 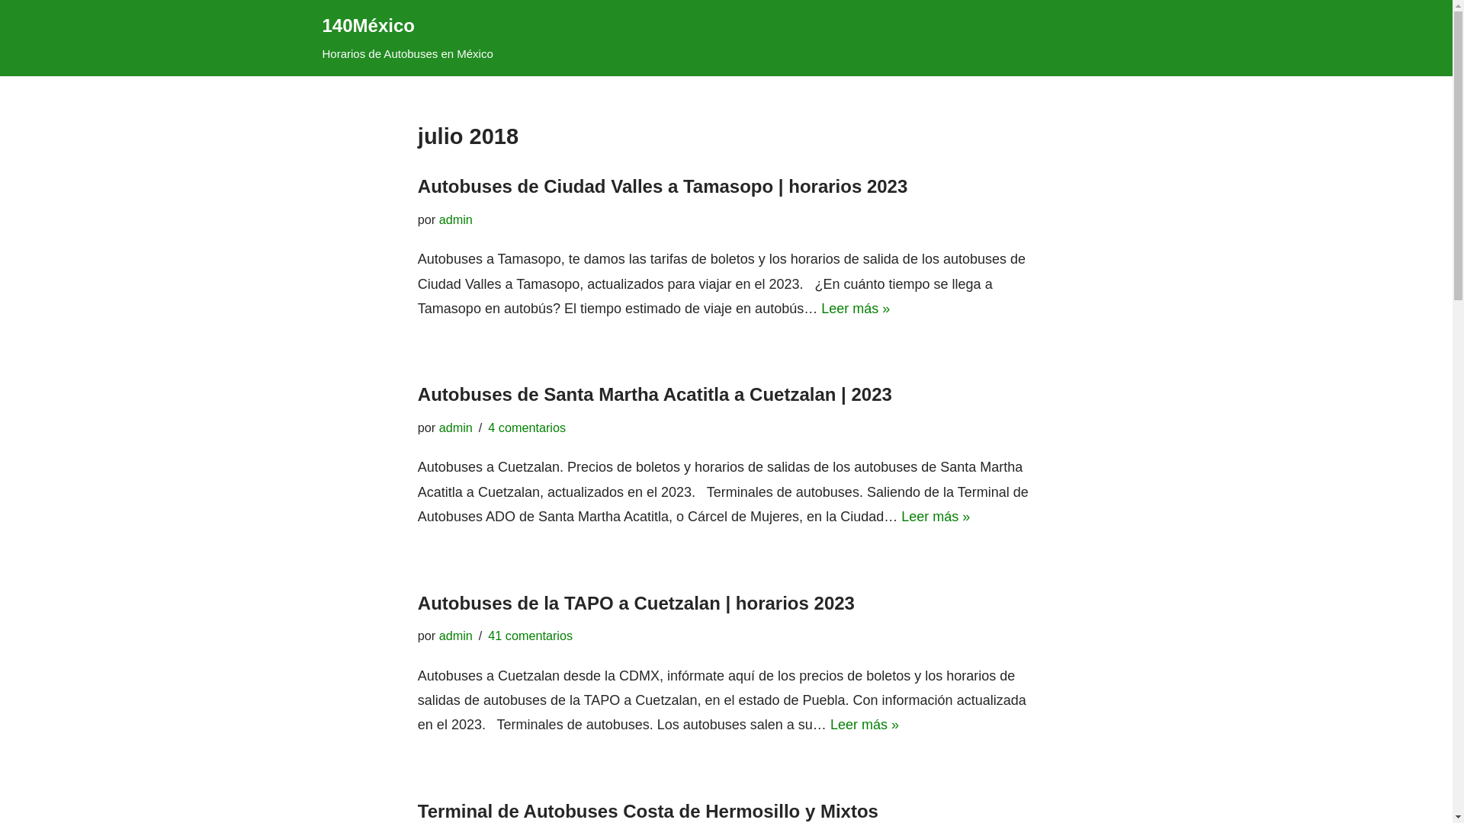 I want to click on 'Saltar al contenido', so click(x=11, y=32).